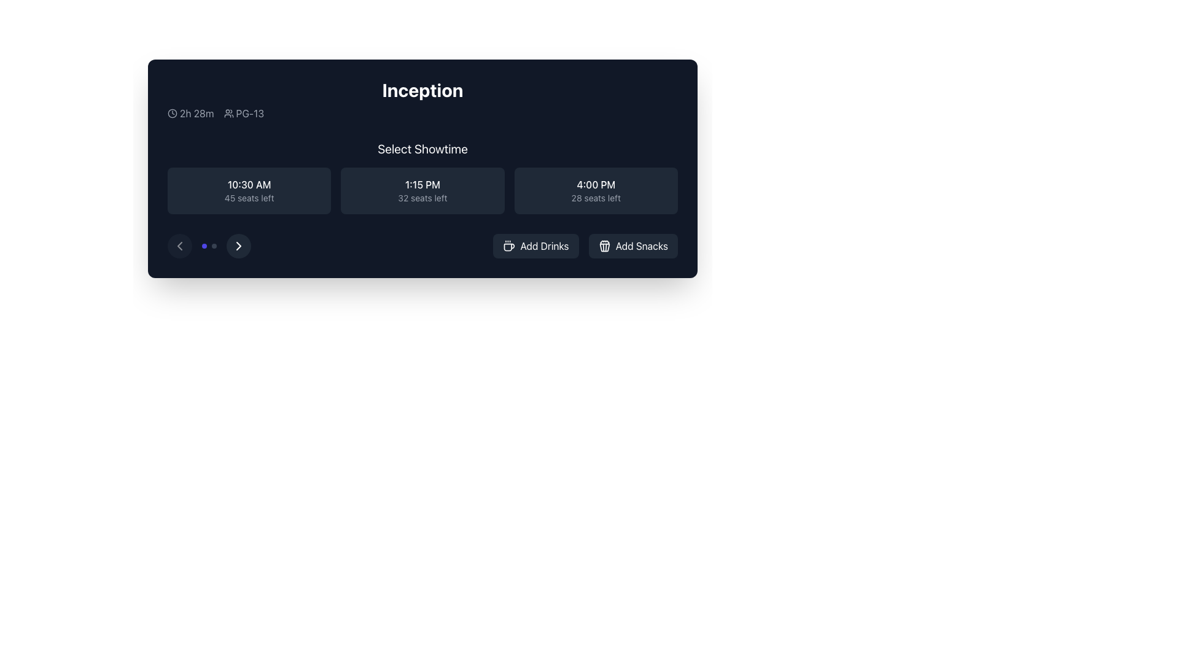 This screenshot has width=1179, height=663. I want to click on the button displaying the showtime '1:15 PM' with '32 seats left', so click(422, 177).